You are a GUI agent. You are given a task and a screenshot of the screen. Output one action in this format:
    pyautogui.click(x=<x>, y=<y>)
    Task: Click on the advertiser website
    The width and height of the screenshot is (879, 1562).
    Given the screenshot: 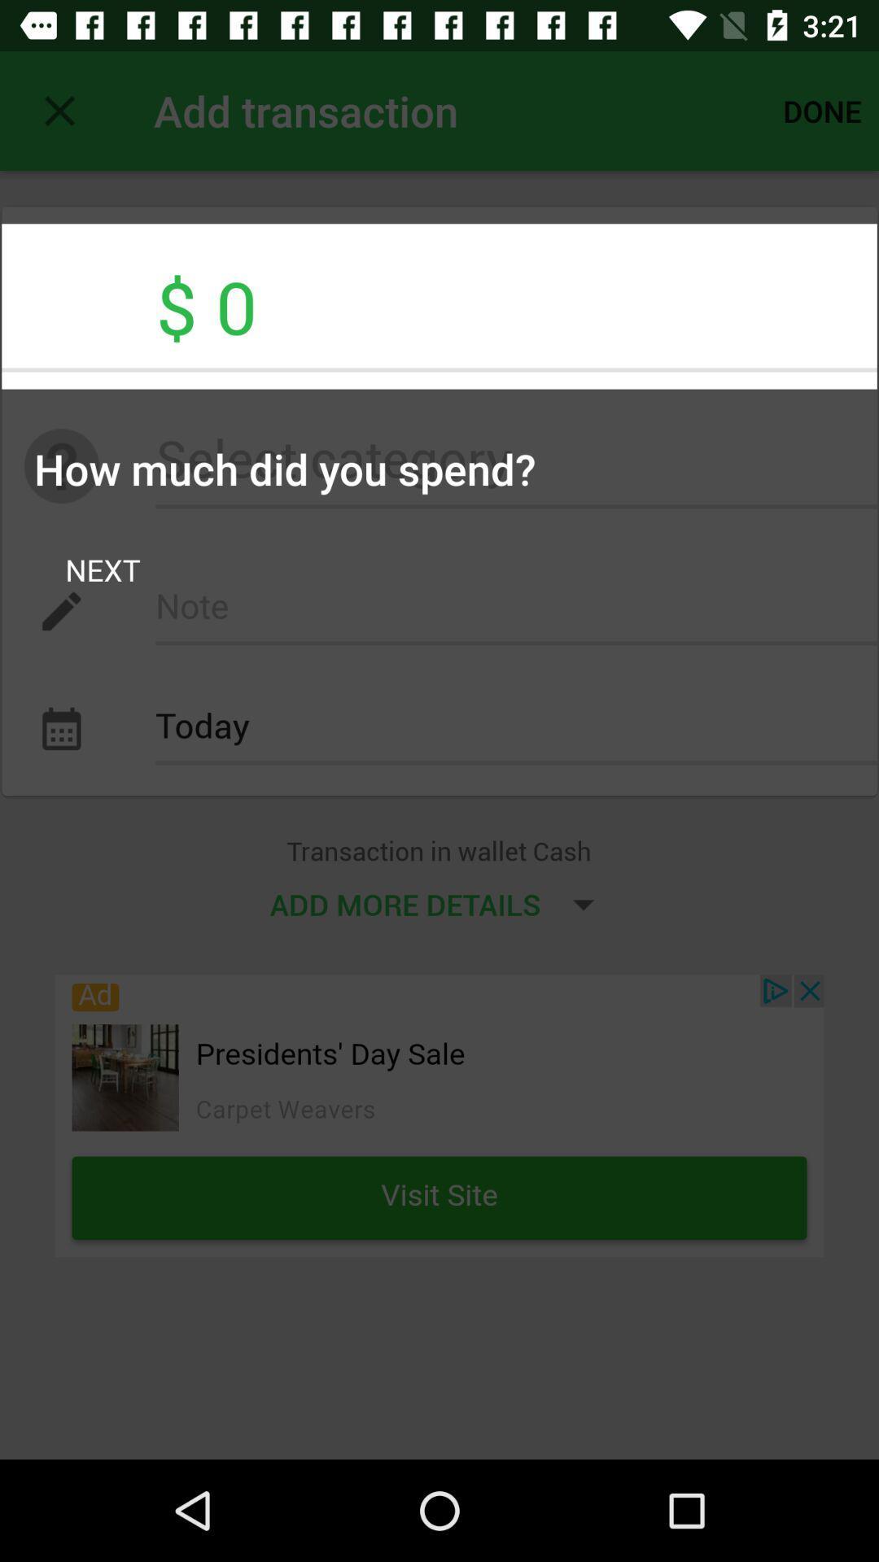 What is the action you would take?
    pyautogui.click(x=439, y=1115)
    